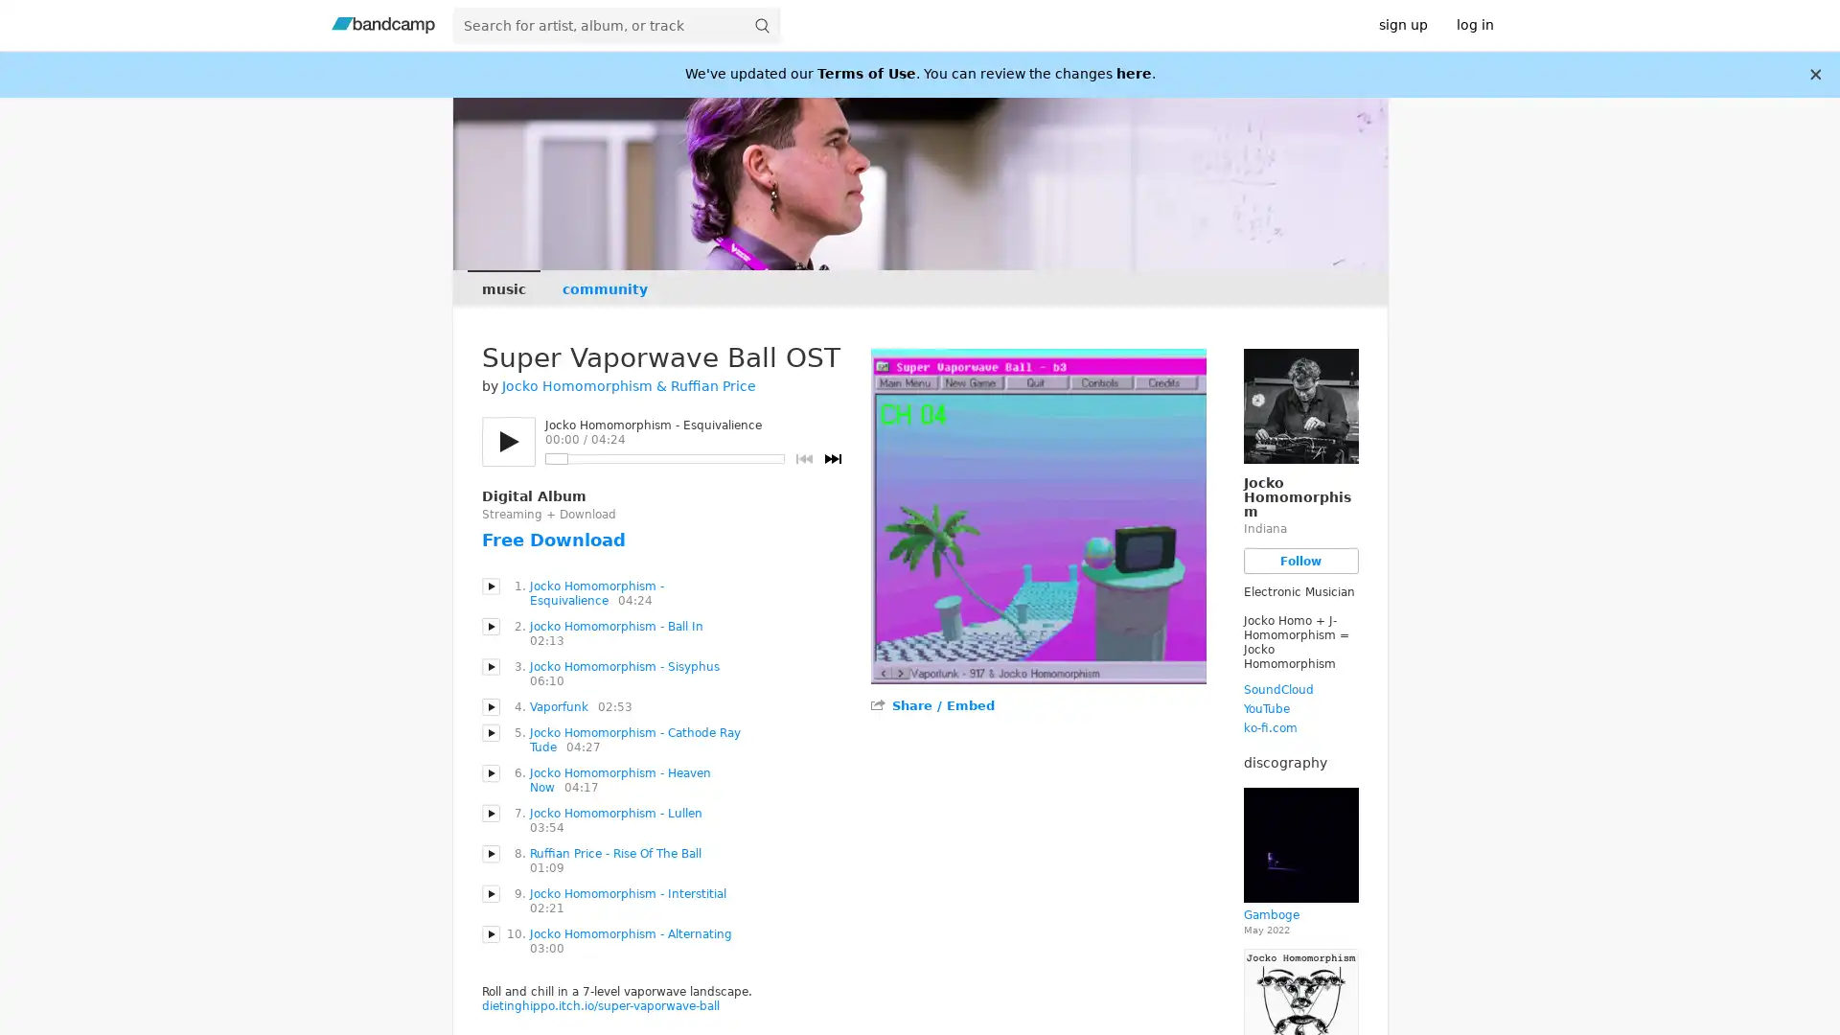 This screenshot has height=1035, width=1840. I want to click on Previous track, so click(803, 458).